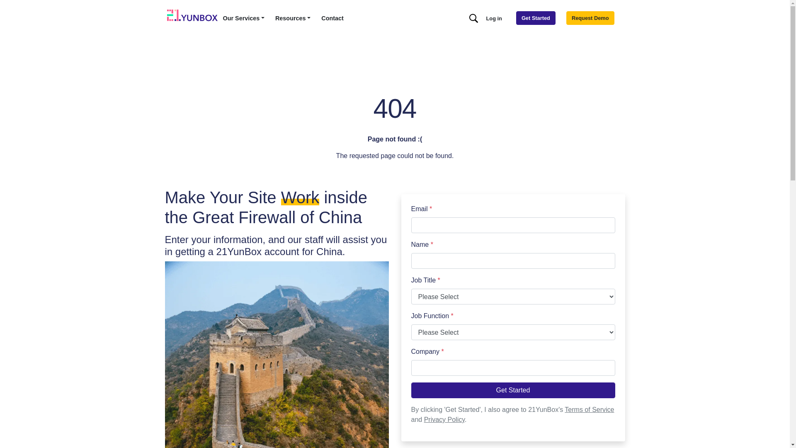 This screenshot has width=796, height=448. Describe the element at coordinates (219, 19) in the screenshot. I see `'Our Services'` at that location.